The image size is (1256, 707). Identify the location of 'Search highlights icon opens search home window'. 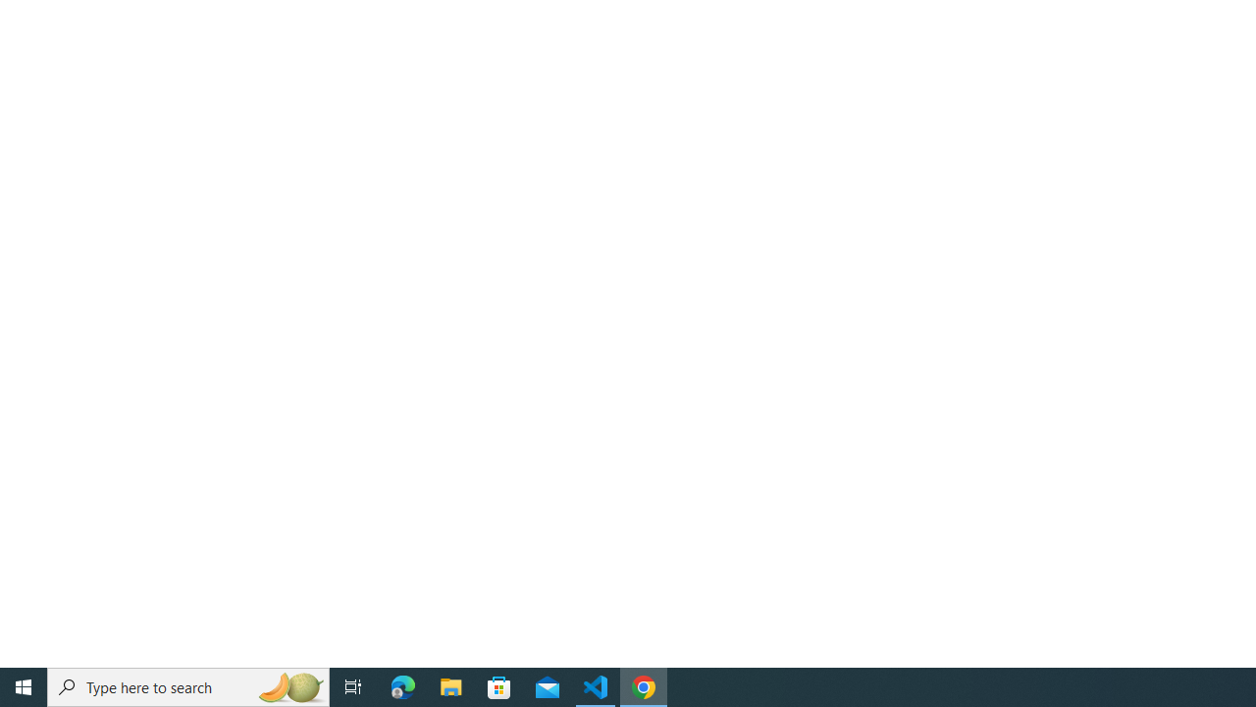
(288, 685).